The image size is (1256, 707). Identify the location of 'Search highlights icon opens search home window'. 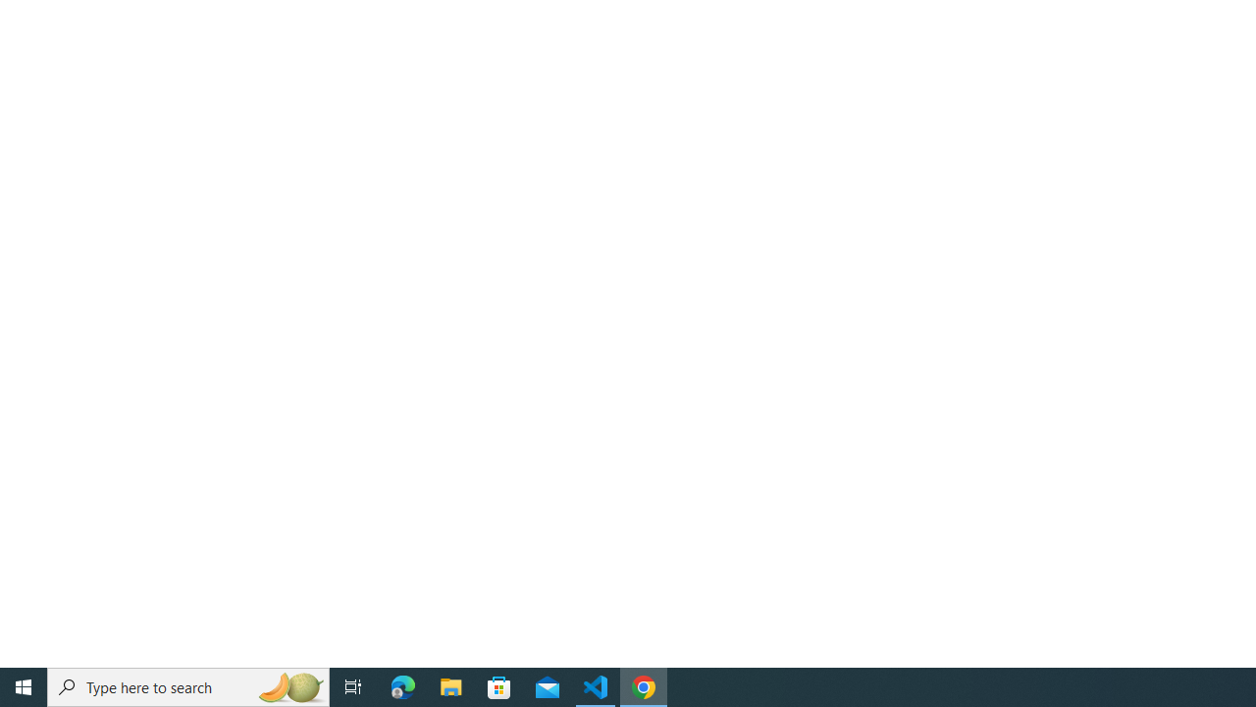
(288, 685).